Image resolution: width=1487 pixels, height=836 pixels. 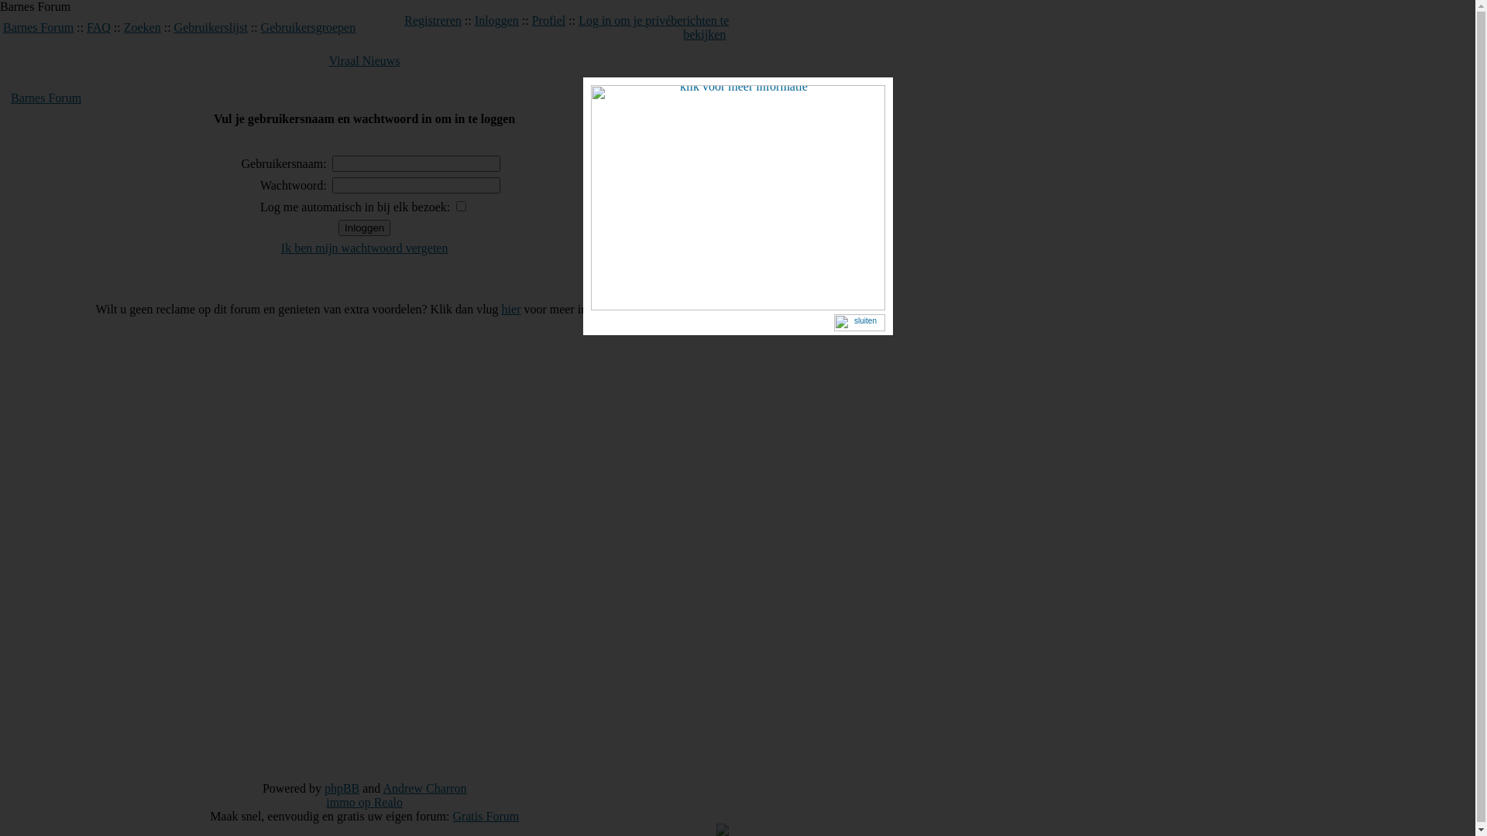 What do you see at coordinates (122, 27) in the screenshot?
I see `'Zoeken'` at bounding box center [122, 27].